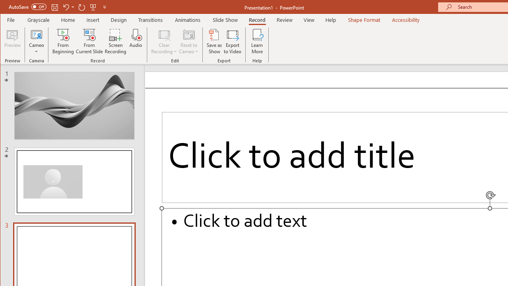 The image size is (508, 286). Describe the element at coordinates (232, 41) in the screenshot. I see `'Export to Video'` at that location.